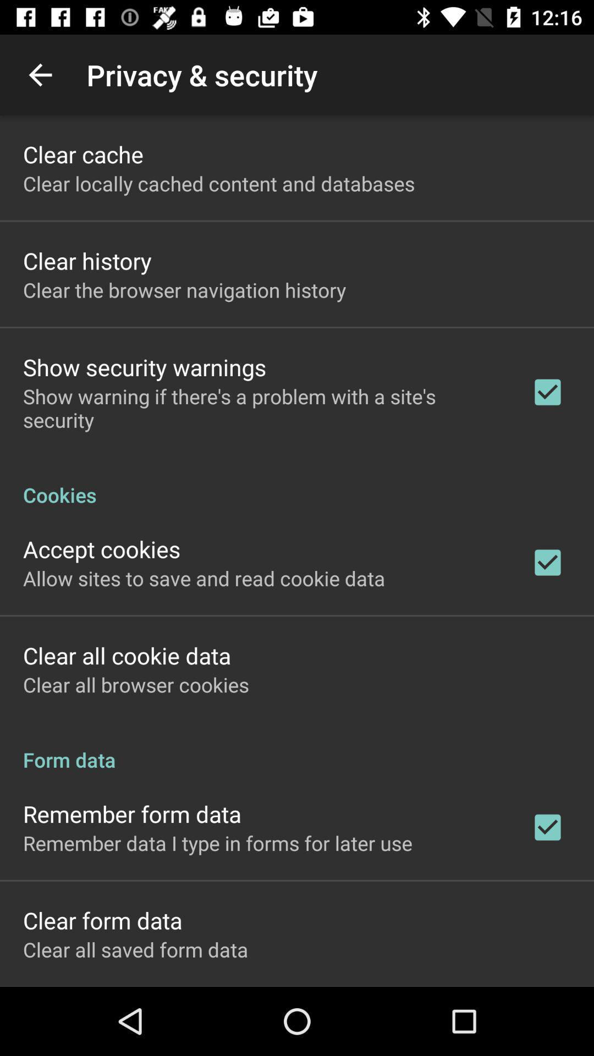 The width and height of the screenshot is (594, 1056). I want to click on app above cookies item, so click(262, 408).